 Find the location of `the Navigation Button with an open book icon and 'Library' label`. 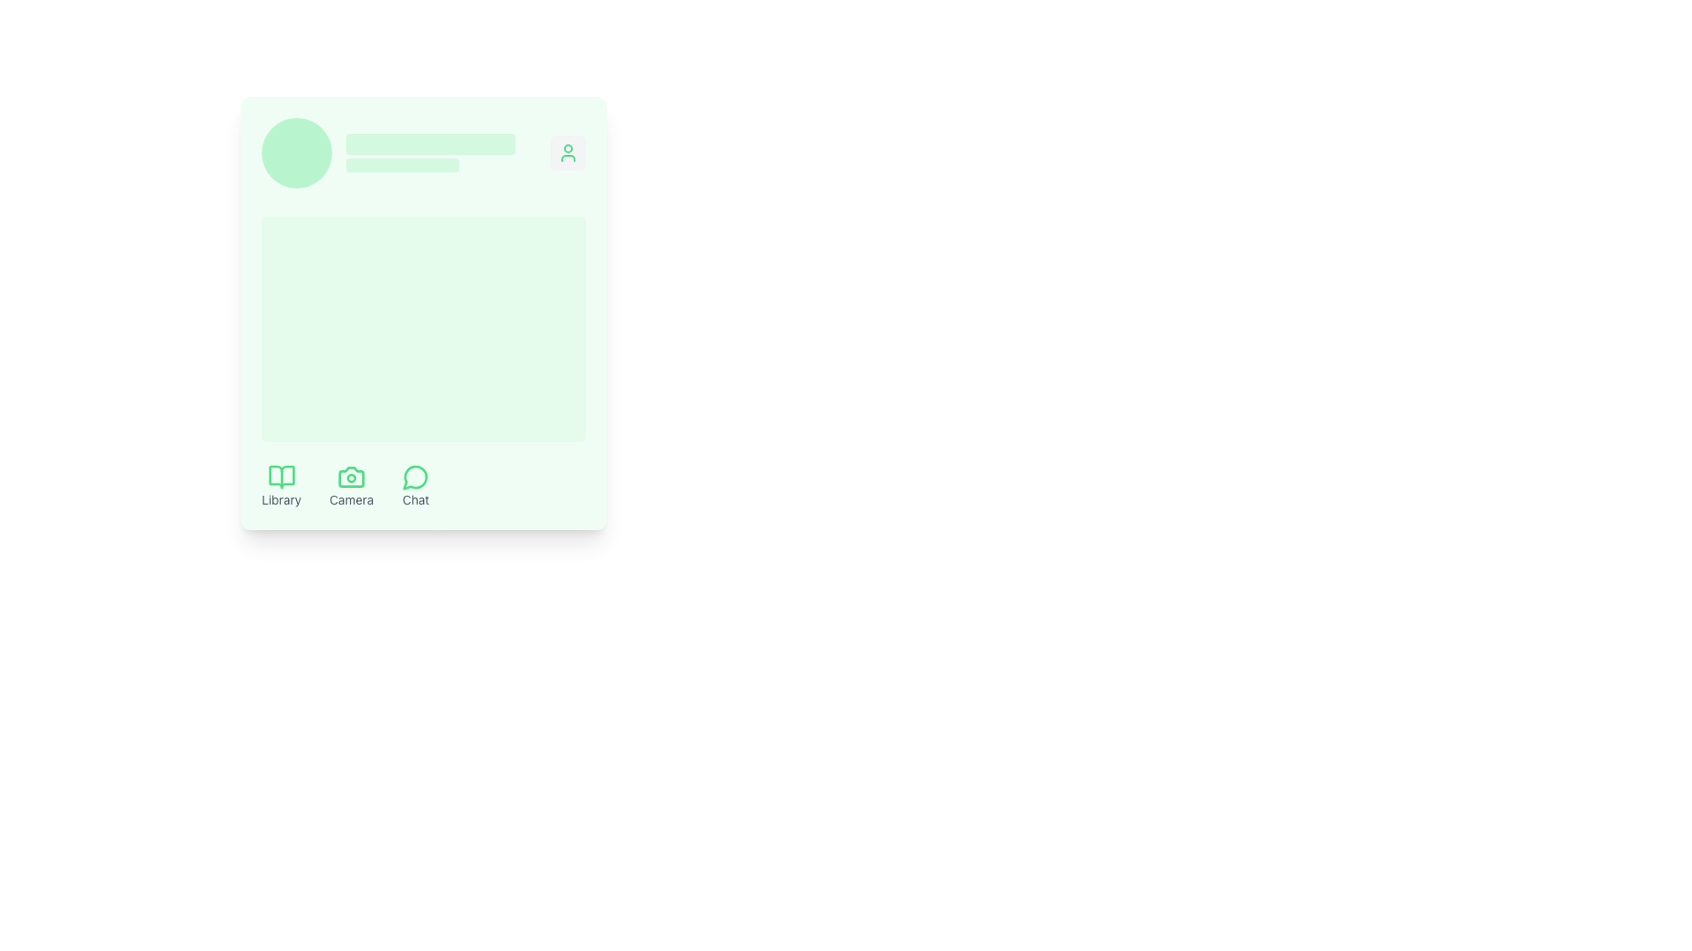

the Navigation Button with an open book icon and 'Library' label is located at coordinates (280, 485).